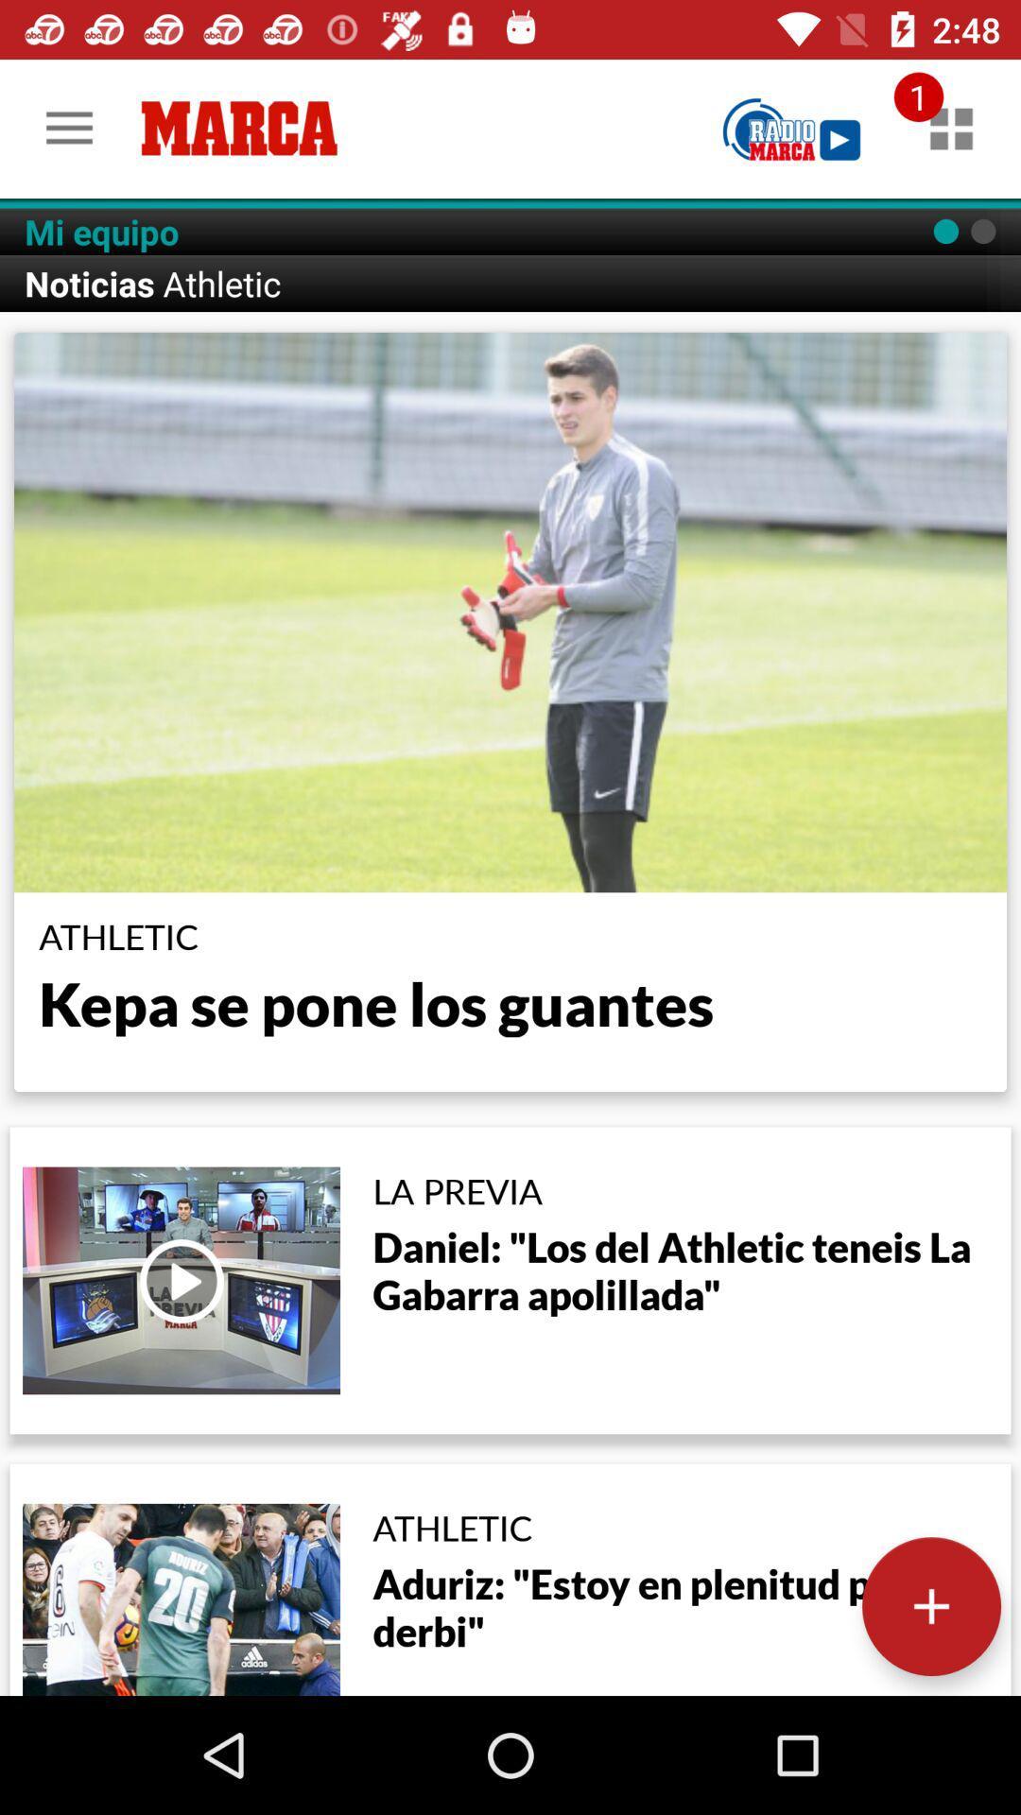  What do you see at coordinates (182, 1599) in the screenshot?
I see `the image which is beside the aduriz estoy en plenitud pderbi` at bounding box center [182, 1599].